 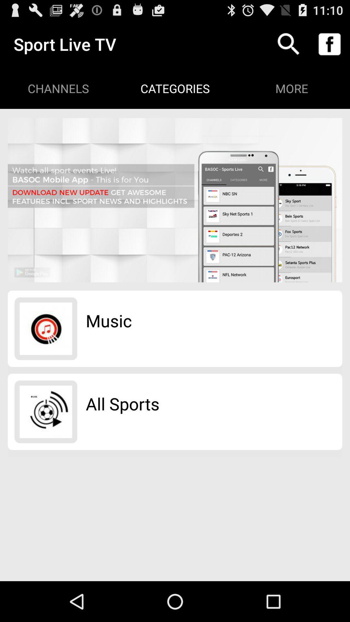 What do you see at coordinates (108, 320) in the screenshot?
I see `the music item` at bounding box center [108, 320].